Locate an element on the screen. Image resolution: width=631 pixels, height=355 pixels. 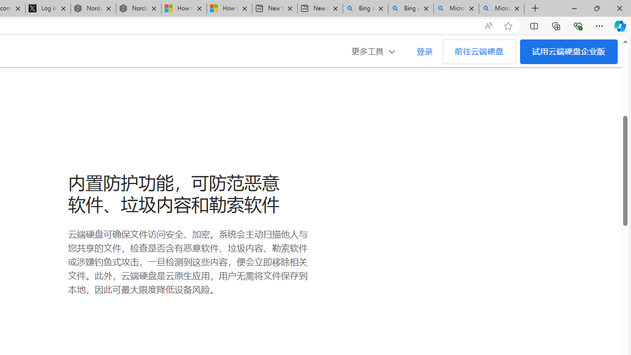
'Bing AI - Search' is located at coordinates (411, 8).